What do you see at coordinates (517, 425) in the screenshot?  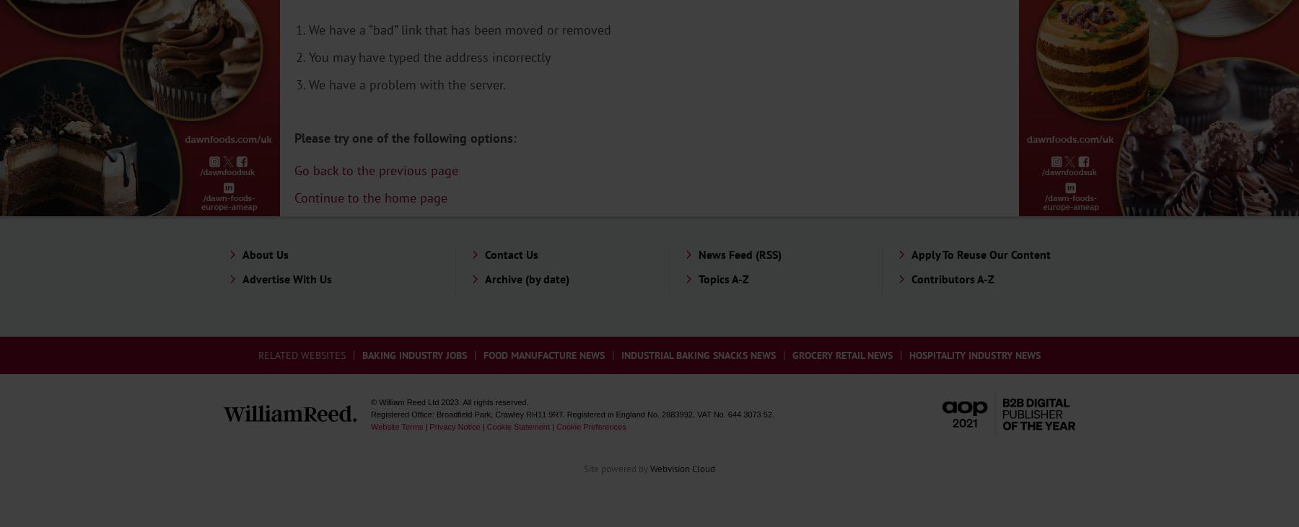 I see `'Cookie Statement'` at bounding box center [517, 425].